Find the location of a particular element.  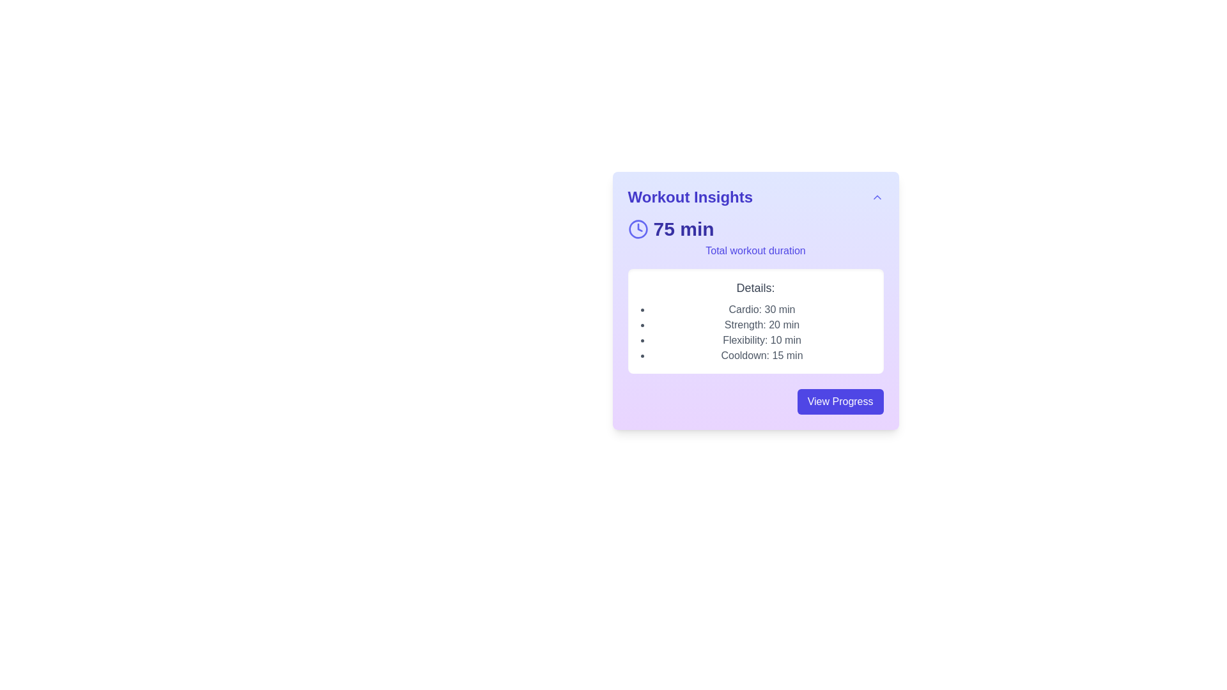

the Chevron icon button located at the top-right corner of the 'Workout Insights' section is located at coordinates (876, 197).